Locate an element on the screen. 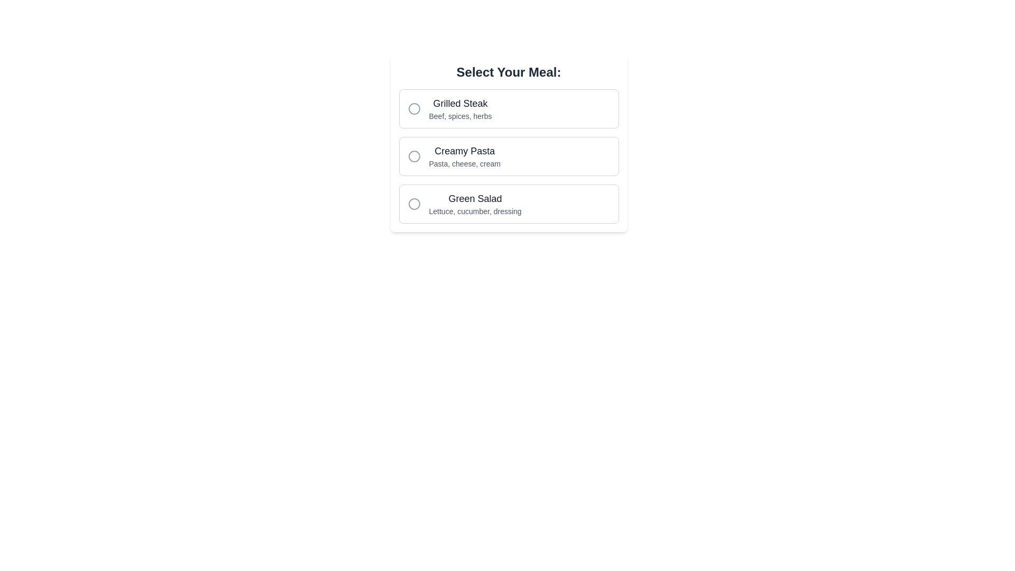  the text label displaying 'Grilled Steak' which is positioned at the top of the meal selection card is located at coordinates (460, 104).